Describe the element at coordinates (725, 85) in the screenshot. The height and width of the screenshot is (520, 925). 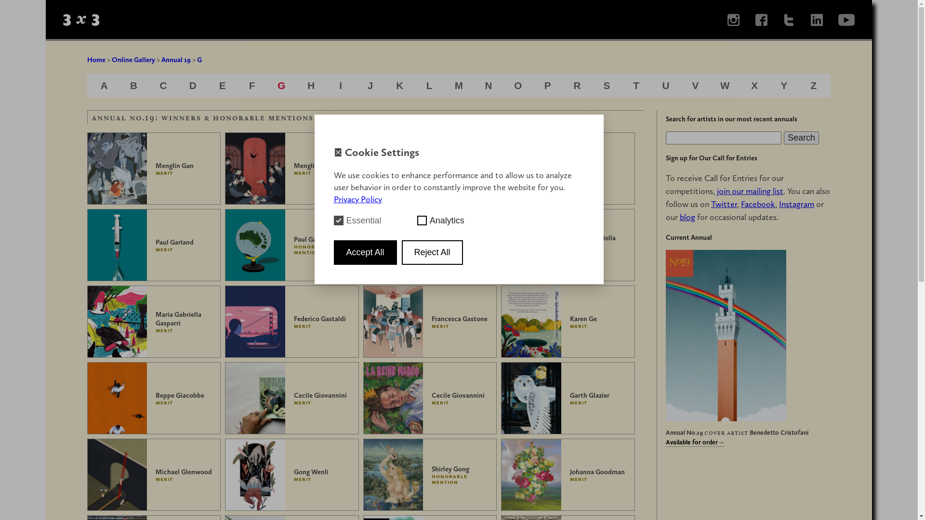
I see `'W'` at that location.